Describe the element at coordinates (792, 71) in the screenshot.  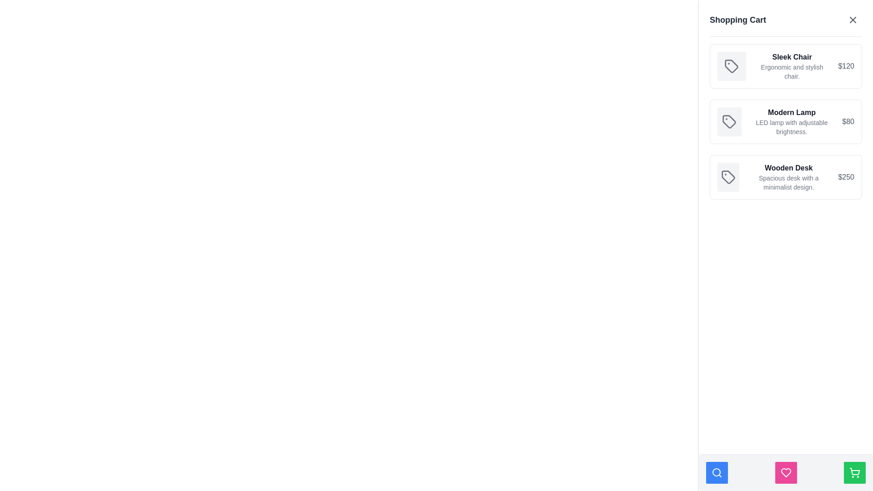
I see `the text display element that describes the product 'Sleek Chair', which is located below the title 'Sleek Chair' and aligned centrally with it` at that location.